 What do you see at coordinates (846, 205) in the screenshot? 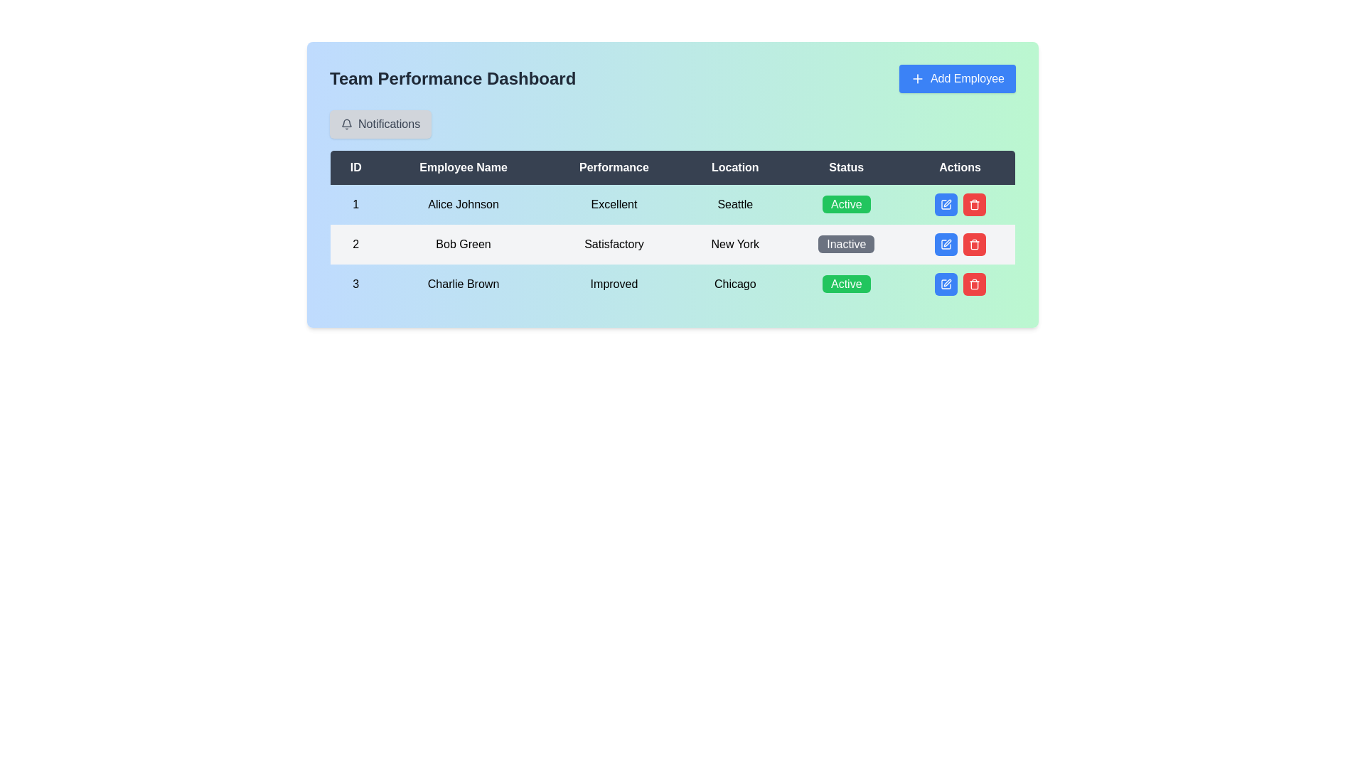
I see `the Status Indicator with a green background and the text 'Active' in white font, located in the 'Status' column of the first row in the table` at bounding box center [846, 205].